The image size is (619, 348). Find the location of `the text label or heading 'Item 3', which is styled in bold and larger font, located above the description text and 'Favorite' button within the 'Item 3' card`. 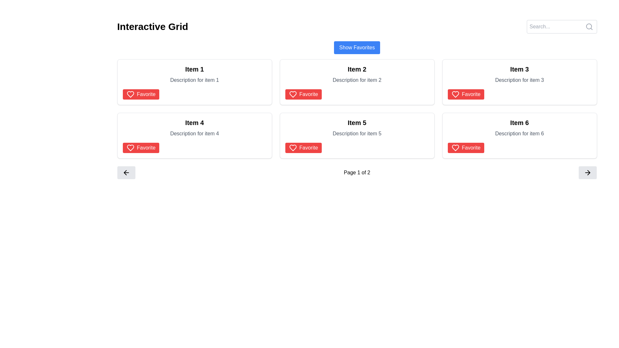

the text label or heading 'Item 3', which is styled in bold and larger font, located above the description text and 'Favorite' button within the 'Item 3' card is located at coordinates (519, 69).